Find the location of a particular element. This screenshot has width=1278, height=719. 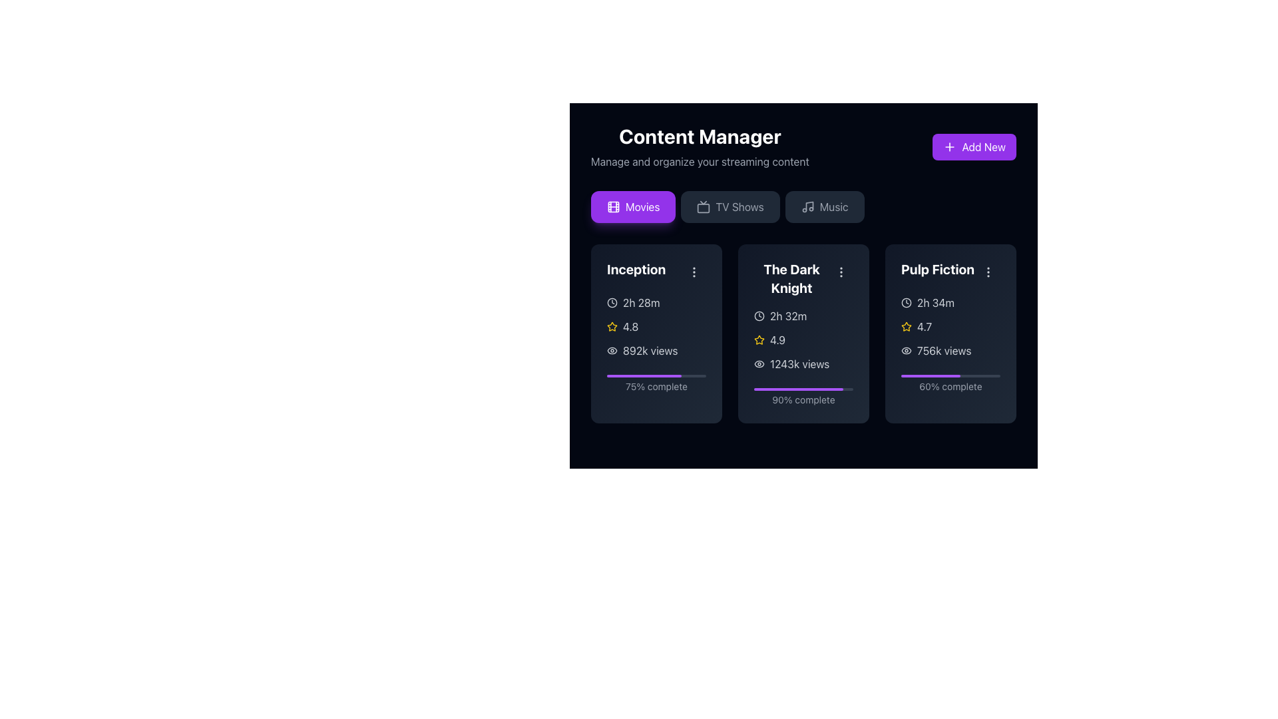

the star graphic icon that represents the rating of 'The Dark Knight' alongside its associated rating of '4.9' is located at coordinates (759, 339).